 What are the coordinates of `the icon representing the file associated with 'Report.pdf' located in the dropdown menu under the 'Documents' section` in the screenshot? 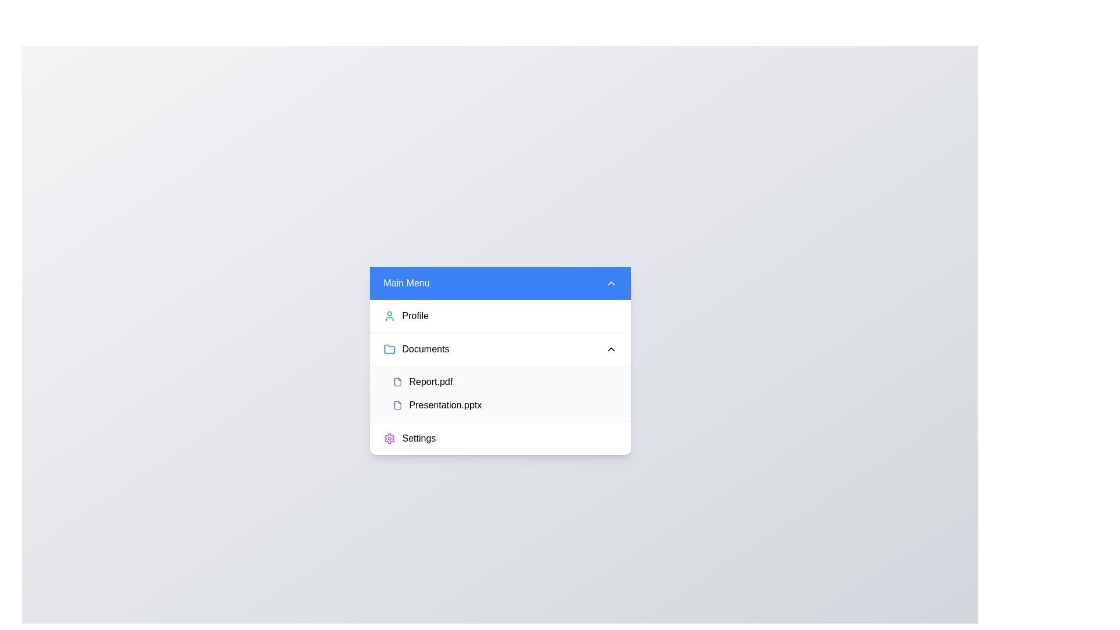 It's located at (397, 382).